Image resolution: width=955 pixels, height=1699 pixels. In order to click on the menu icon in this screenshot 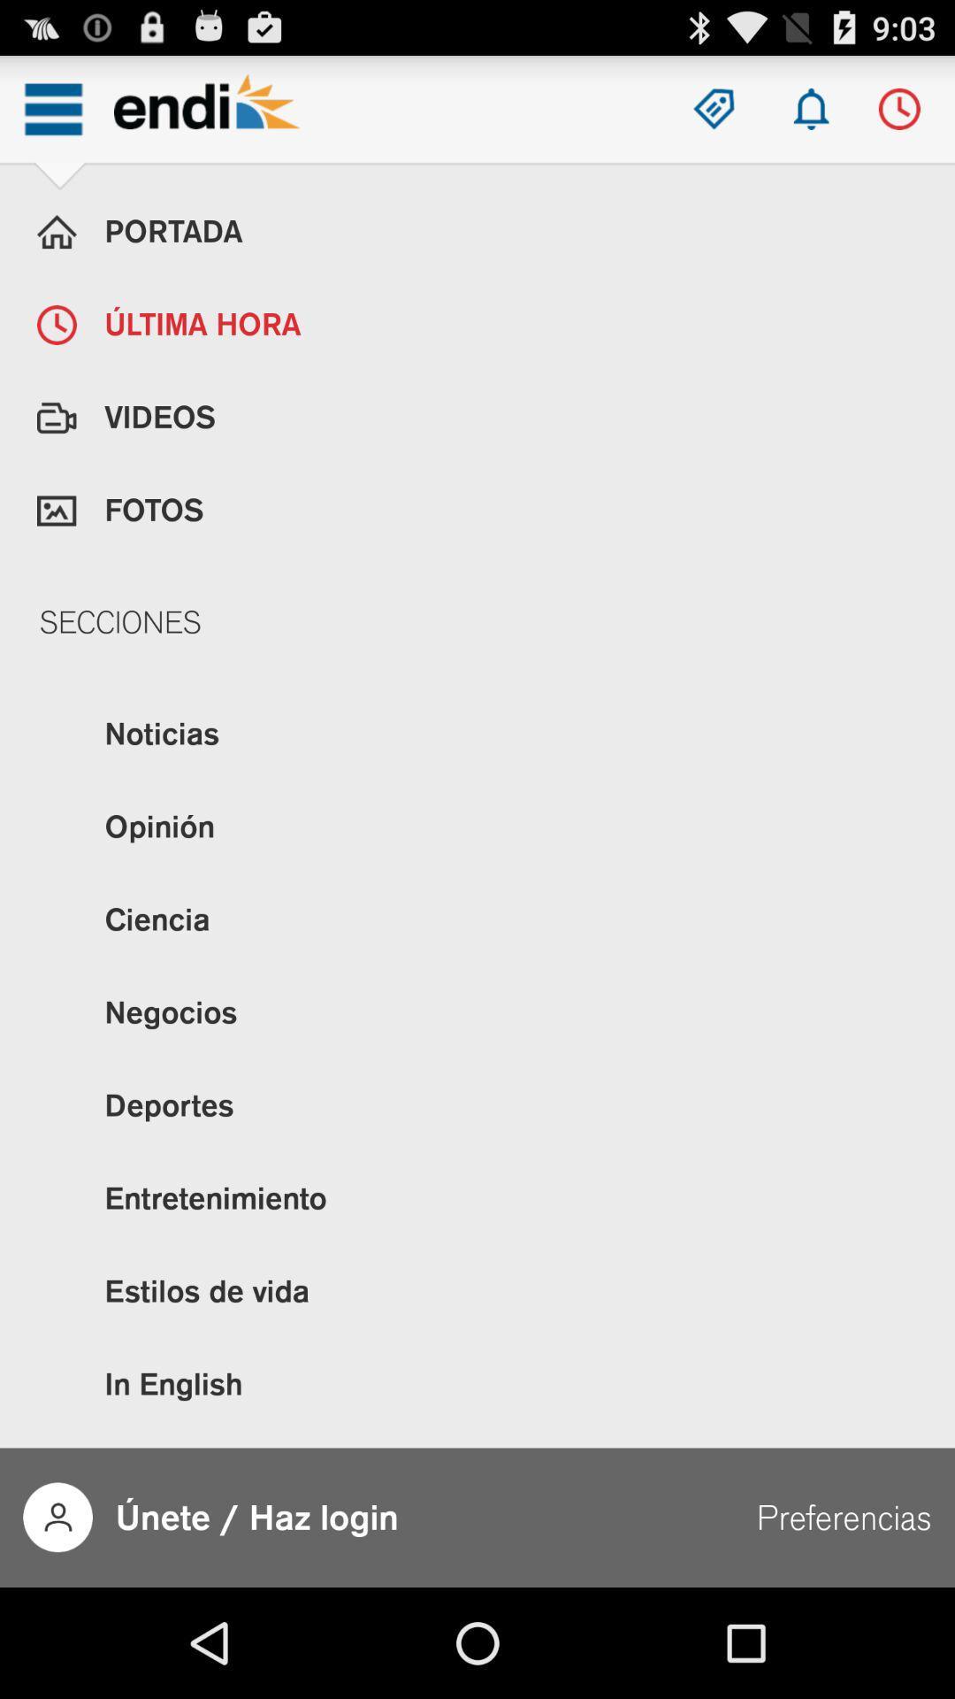, I will do `click(52, 116)`.